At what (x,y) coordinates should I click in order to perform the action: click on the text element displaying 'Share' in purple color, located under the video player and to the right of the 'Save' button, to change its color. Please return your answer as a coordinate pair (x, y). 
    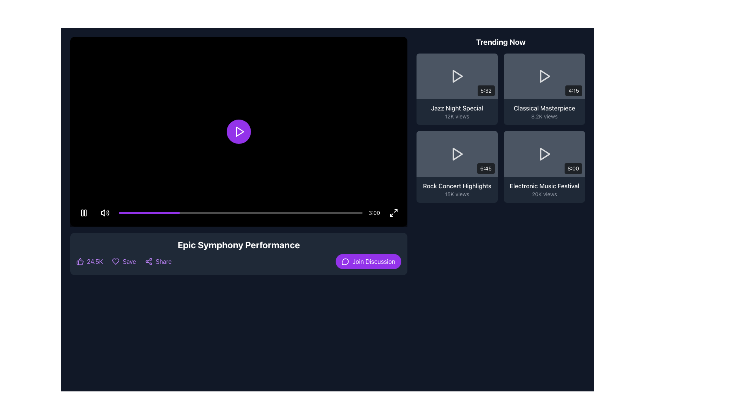
    Looking at the image, I should click on (163, 261).